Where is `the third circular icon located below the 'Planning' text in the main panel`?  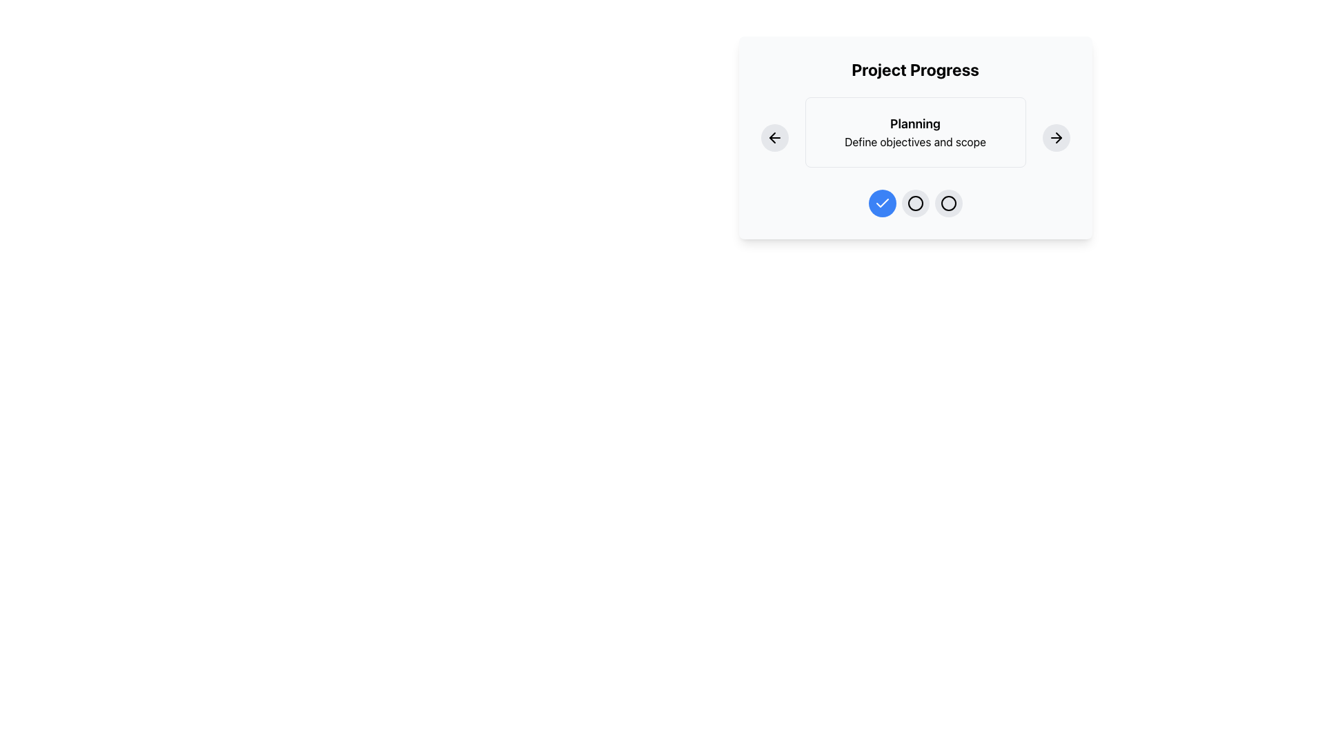
the third circular icon located below the 'Planning' text in the main panel is located at coordinates (948, 203).